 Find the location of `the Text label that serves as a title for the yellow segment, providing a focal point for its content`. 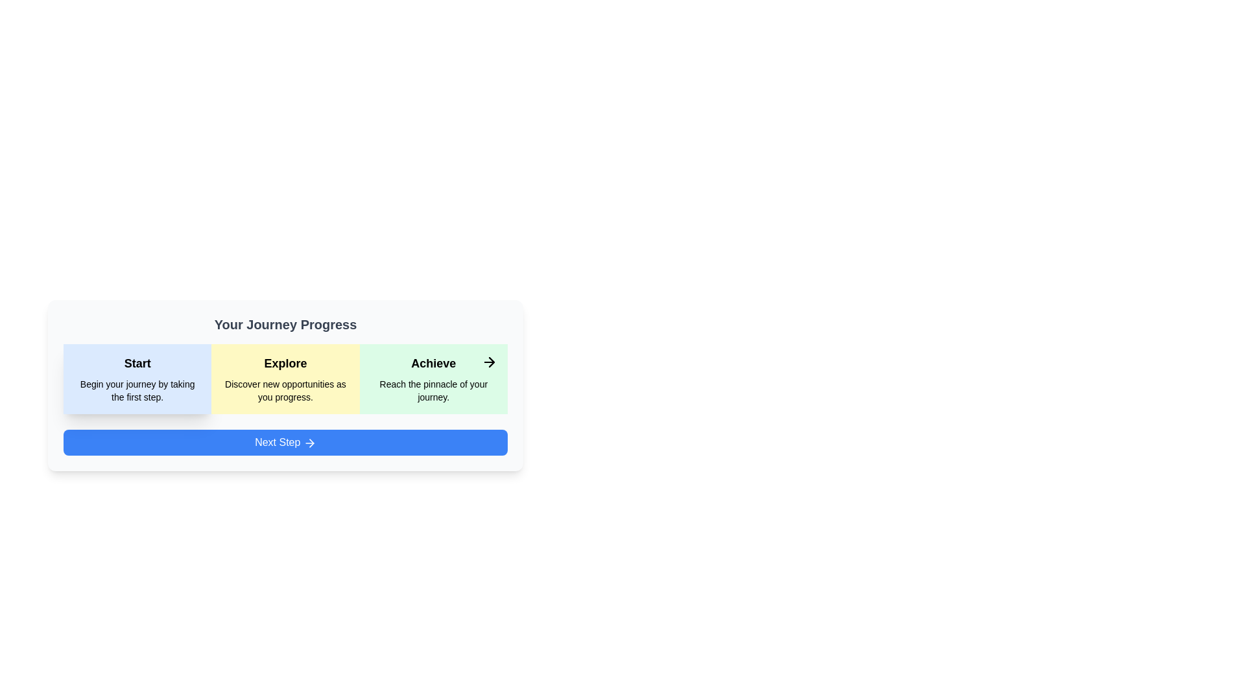

the Text label that serves as a title for the yellow segment, providing a focal point for its content is located at coordinates (285, 363).